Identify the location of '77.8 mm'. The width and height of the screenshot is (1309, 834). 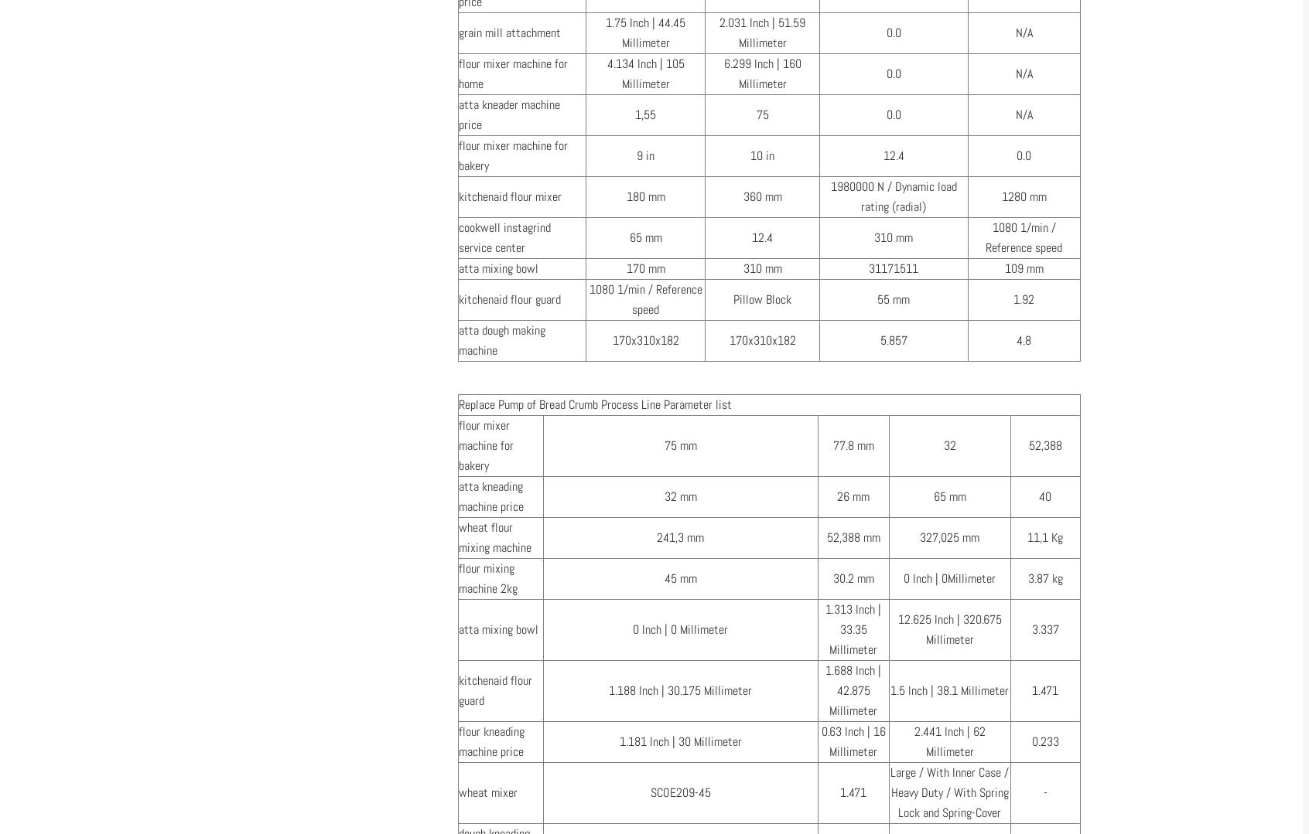
(853, 444).